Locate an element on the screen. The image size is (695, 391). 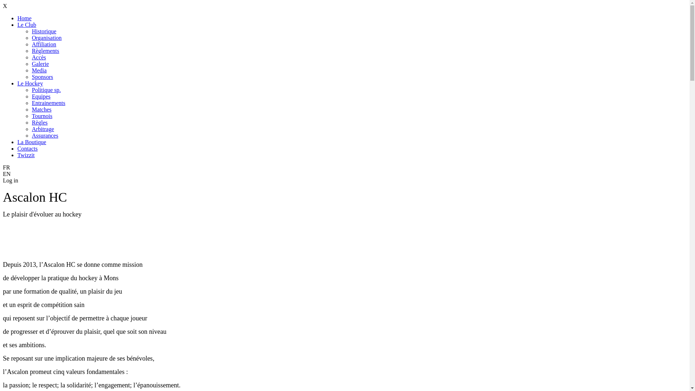
'Le Club' is located at coordinates (26, 24).